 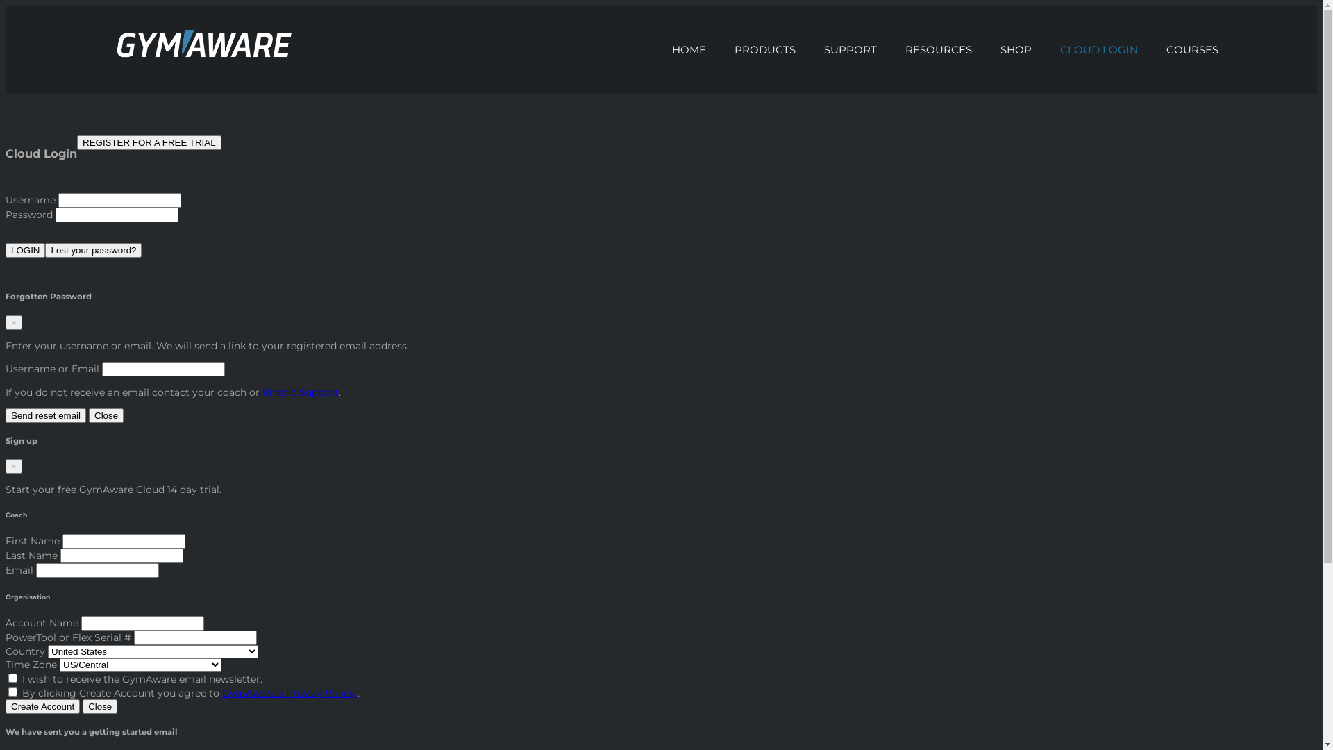 What do you see at coordinates (1192, 49) in the screenshot?
I see `'COURSES'` at bounding box center [1192, 49].